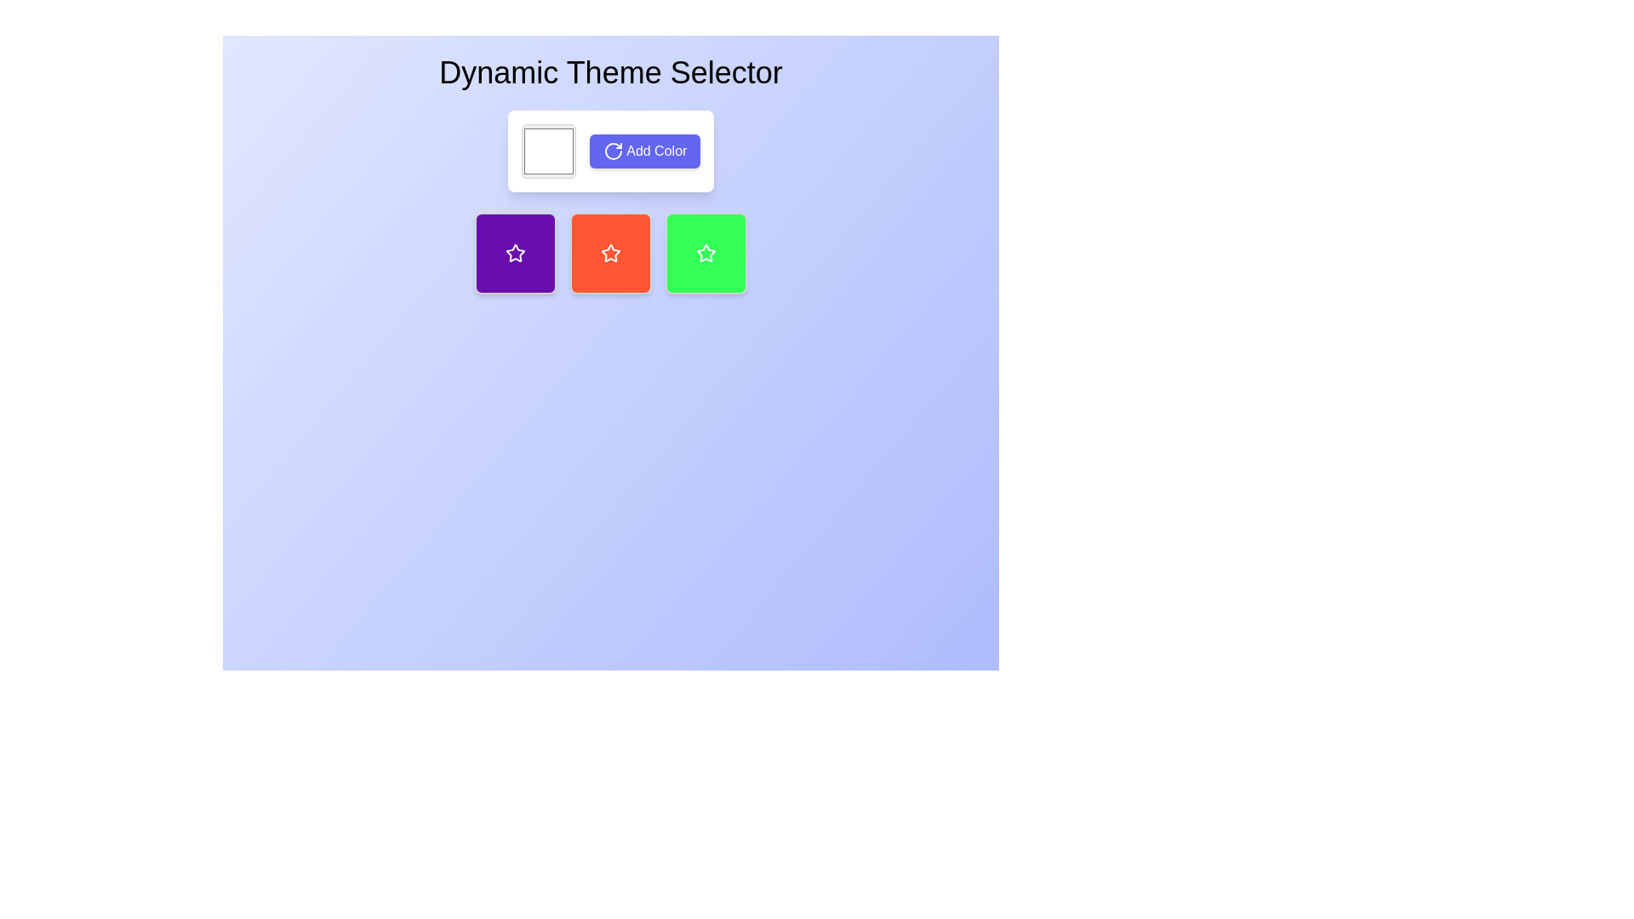  I want to click on the white star icon on a green square background located in the bottom right corner of the grid, which is the third icon in the row below the 'Dynamic Theme Selector' heading, so click(706, 253).